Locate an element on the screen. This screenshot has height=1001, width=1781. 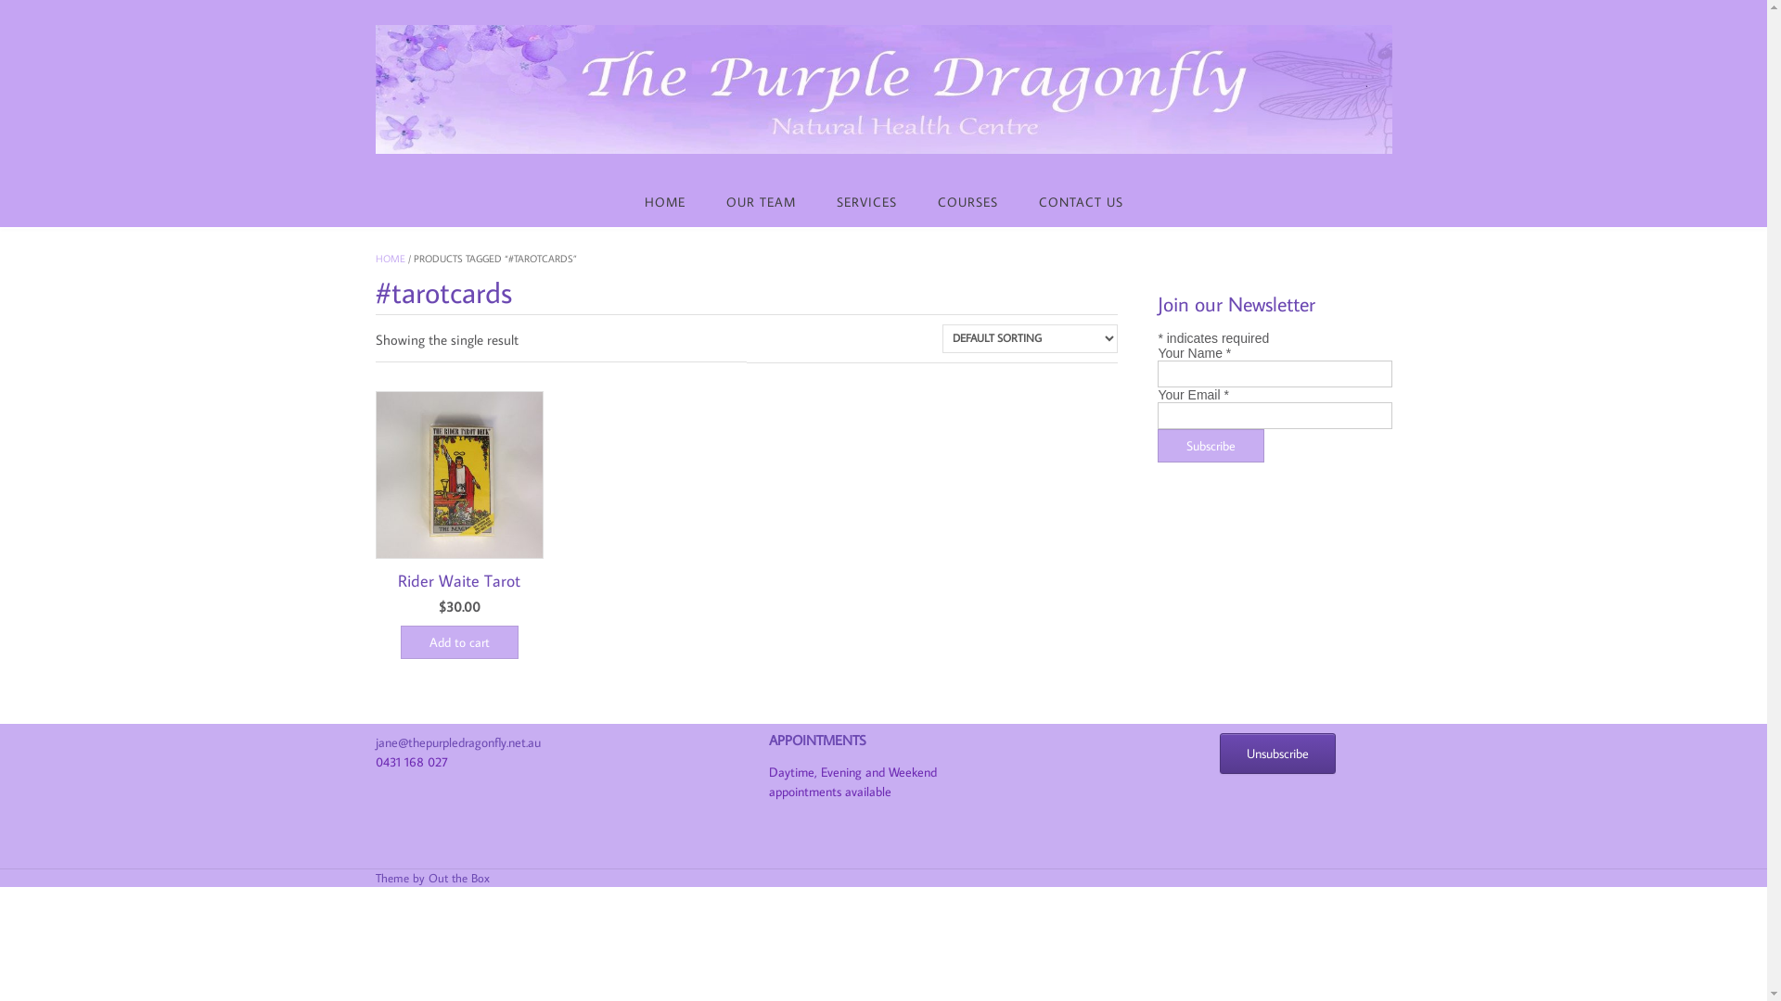
'Subscribe' is located at coordinates (1211, 446).